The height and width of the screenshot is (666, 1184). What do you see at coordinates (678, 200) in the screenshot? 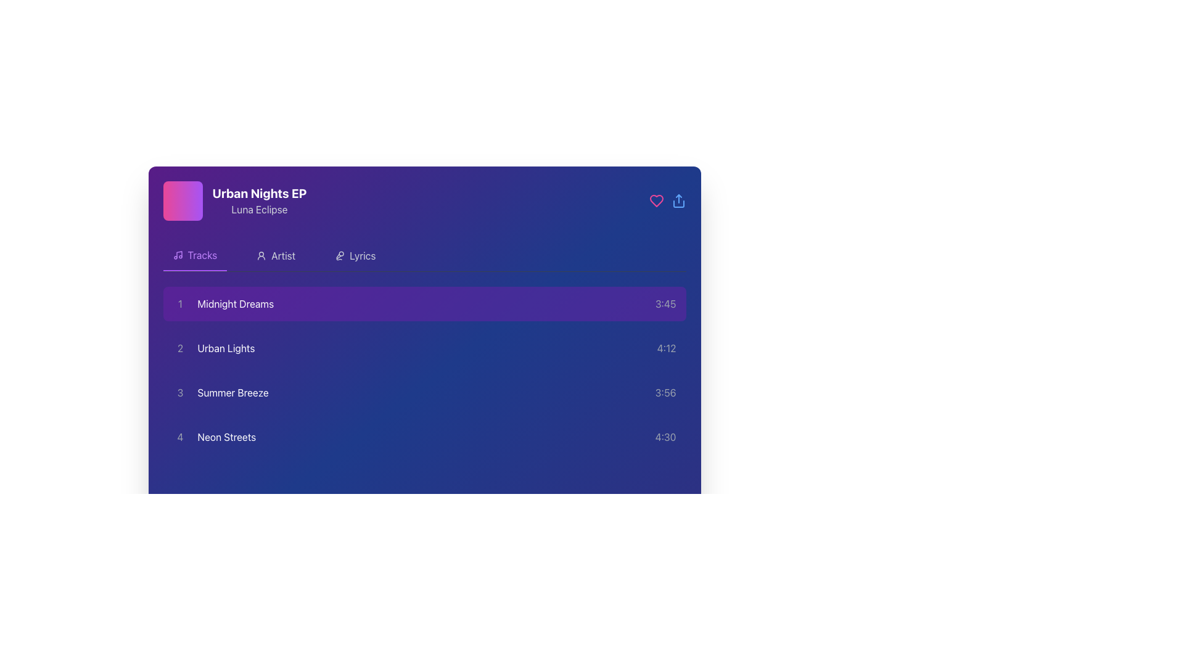
I see `the sharing icon located in the top-right corner of the music information panel to initiate the sharing action` at bounding box center [678, 200].